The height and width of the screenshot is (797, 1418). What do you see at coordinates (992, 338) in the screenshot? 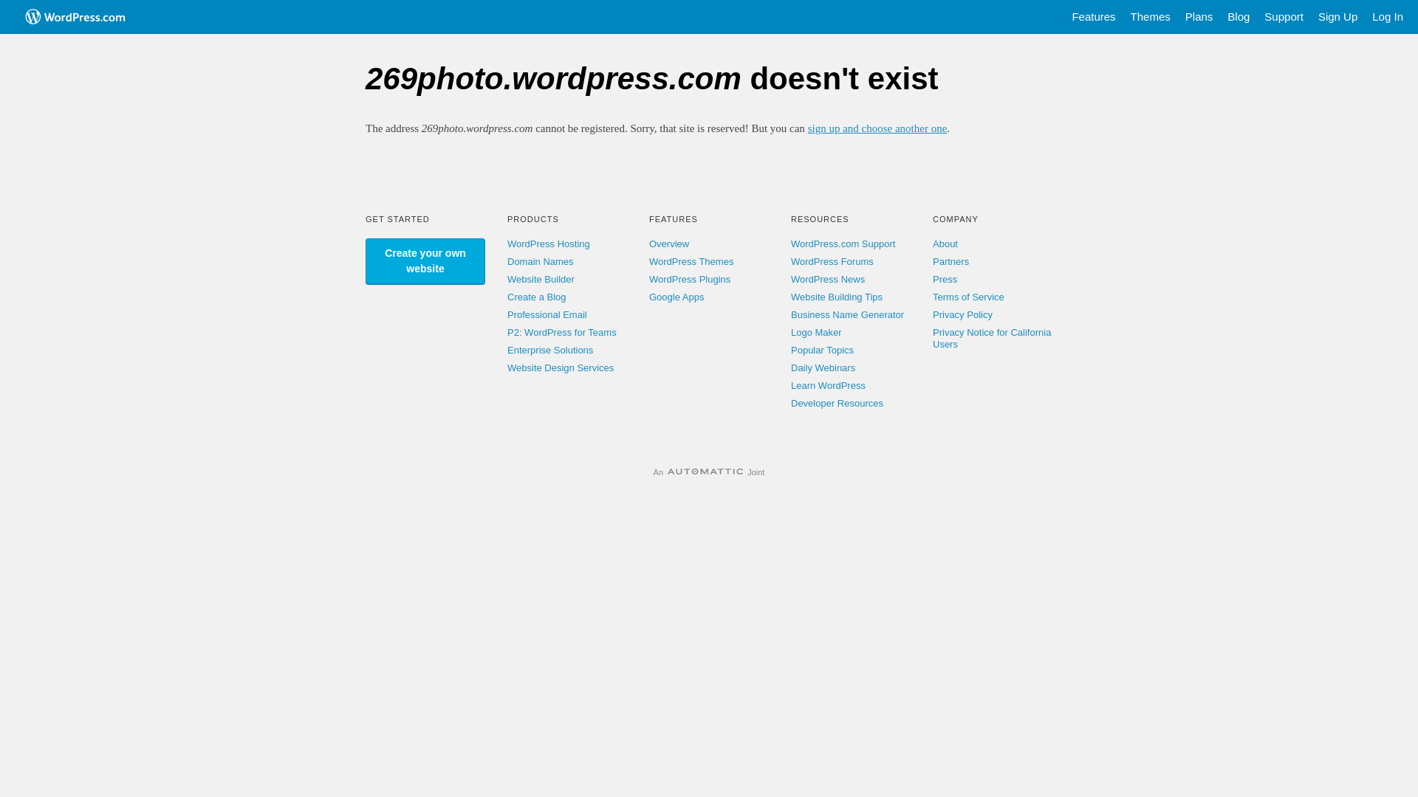
I see `'Privacy Notice for California Users'` at bounding box center [992, 338].